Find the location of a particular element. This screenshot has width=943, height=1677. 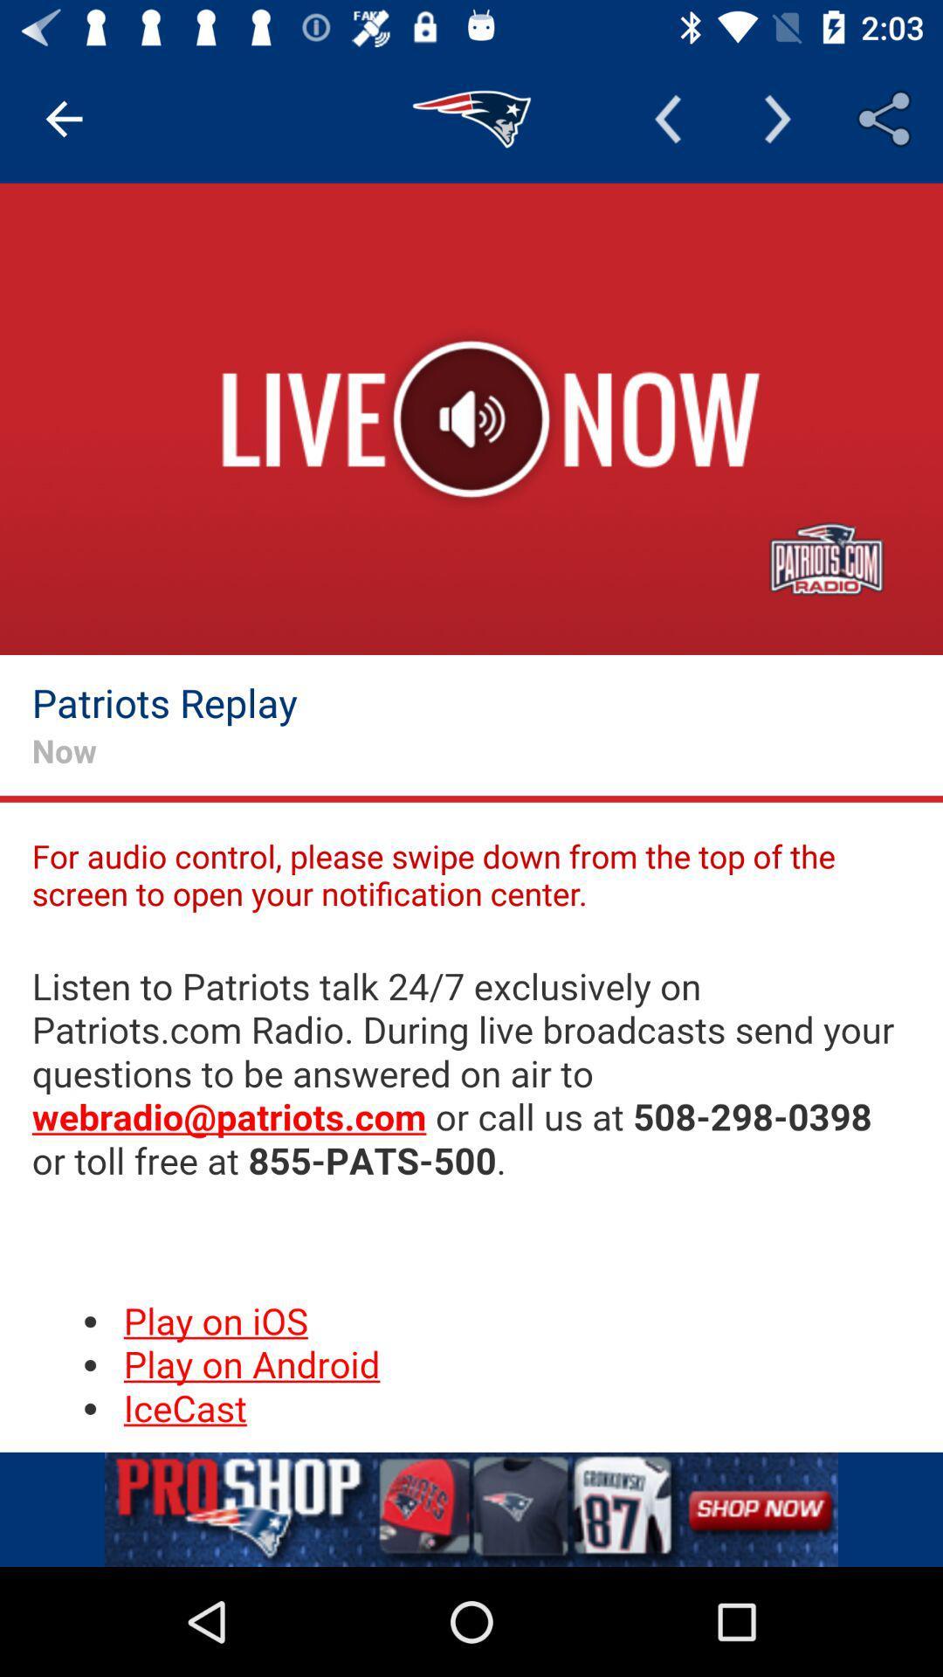

advertisement option is located at coordinates (471, 1508).